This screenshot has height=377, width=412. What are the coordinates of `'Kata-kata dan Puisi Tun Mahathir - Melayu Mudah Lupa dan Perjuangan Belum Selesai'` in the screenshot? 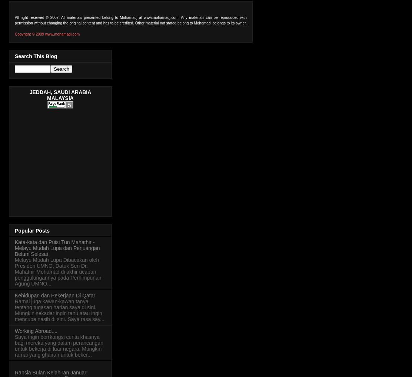 It's located at (57, 248).